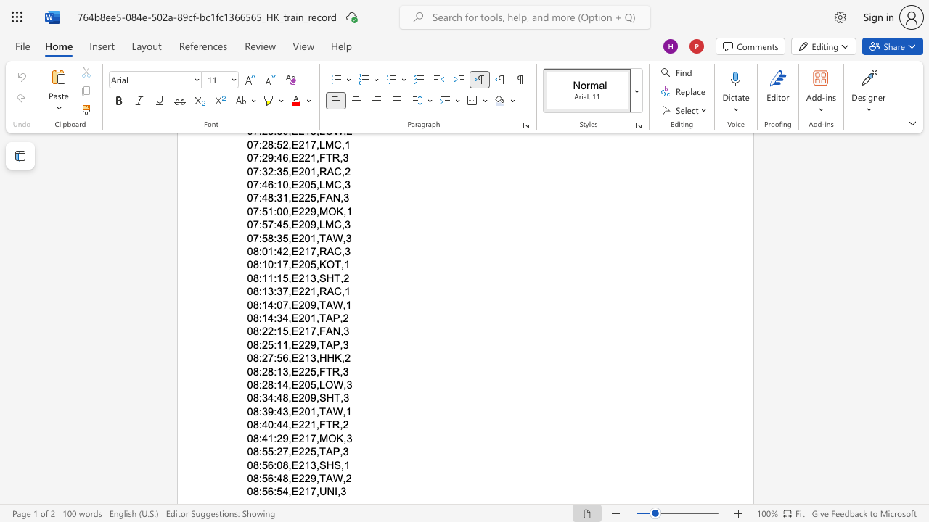  What do you see at coordinates (324, 318) in the screenshot?
I see `the subset text "AP,2" within the text "08:14:34,E201,TAP,2"` at bounding box center [324, 318].